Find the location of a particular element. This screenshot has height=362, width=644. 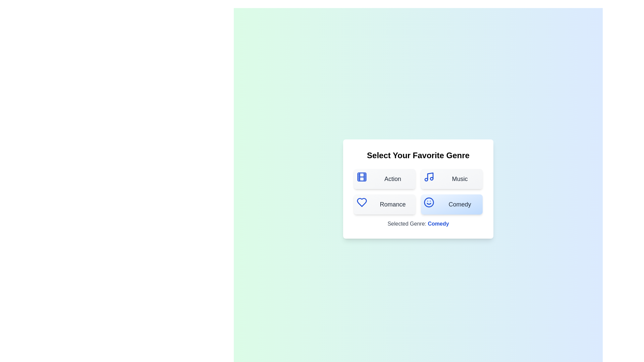

the musical note icon within the 'Music' button located at the top-right corner of the genre selection grid is located at coordinates (430, 176).